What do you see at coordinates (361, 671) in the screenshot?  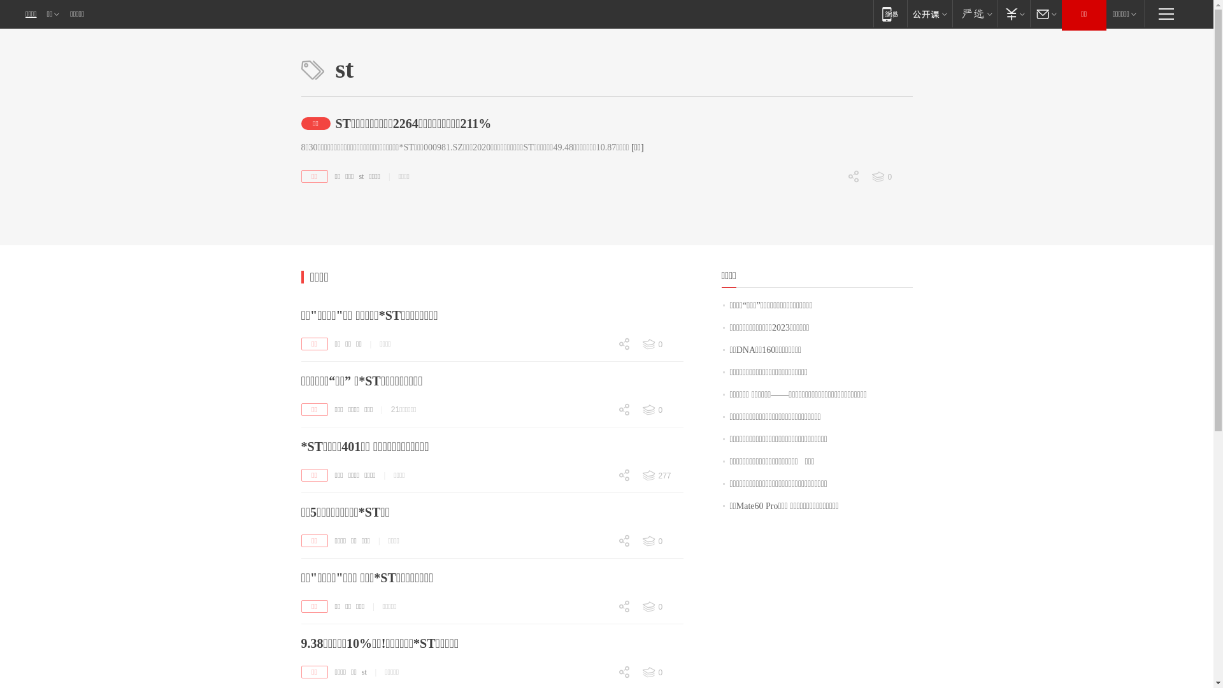 I see `'st'` at bounding box center [361, 671].